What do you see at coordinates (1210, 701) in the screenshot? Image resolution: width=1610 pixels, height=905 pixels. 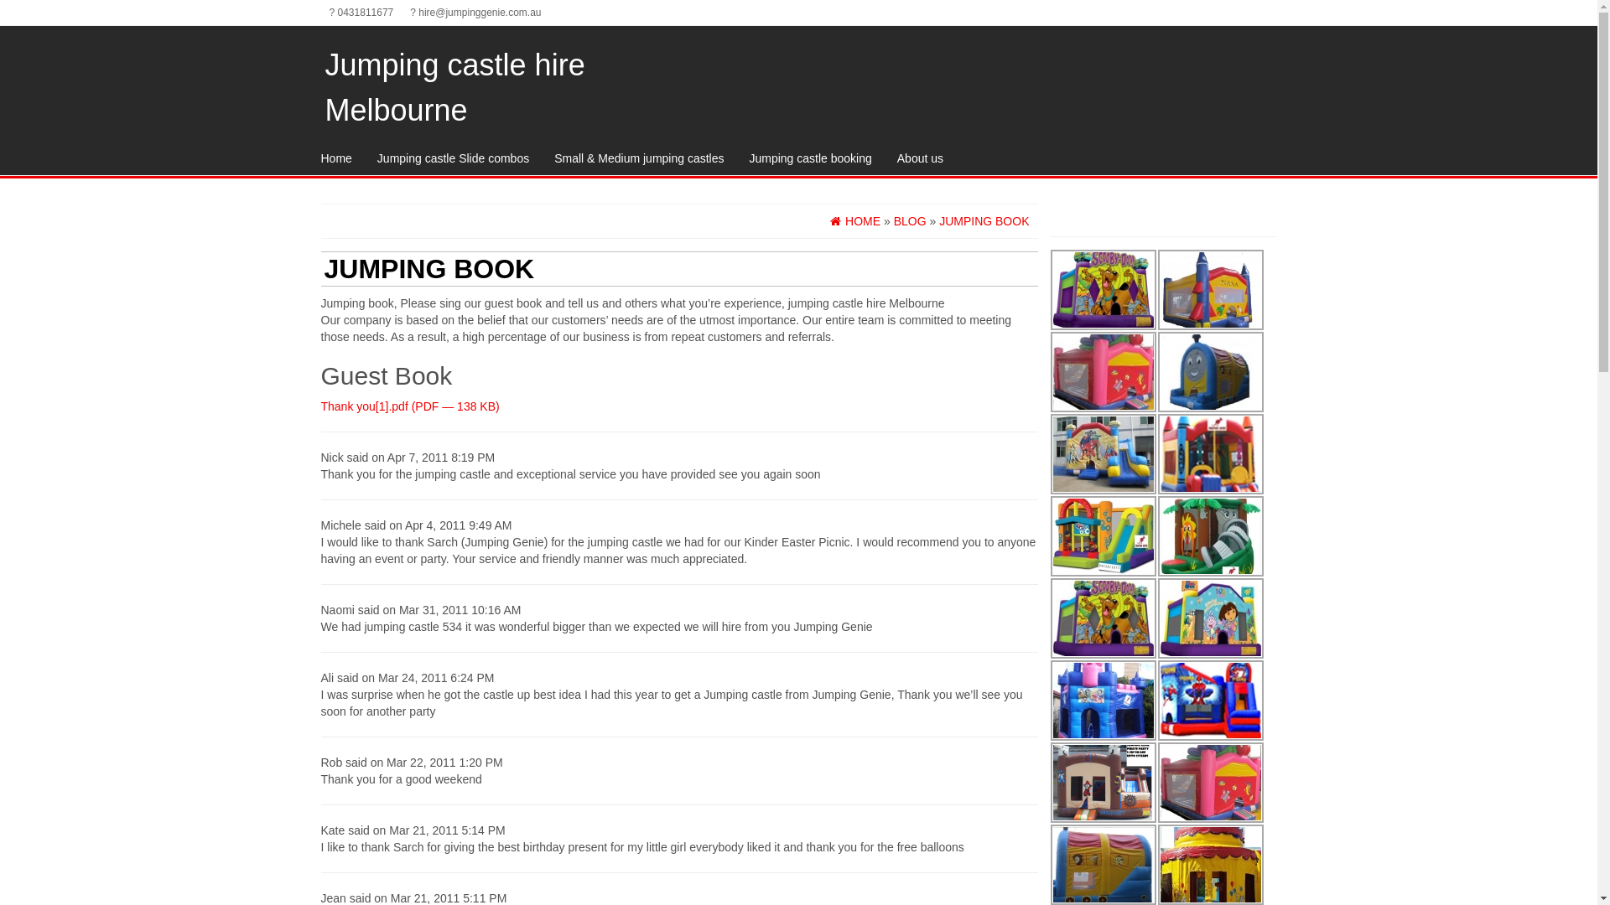 I see `'Jumping castle 537.jpg'` at bounding box center [1210, 701].